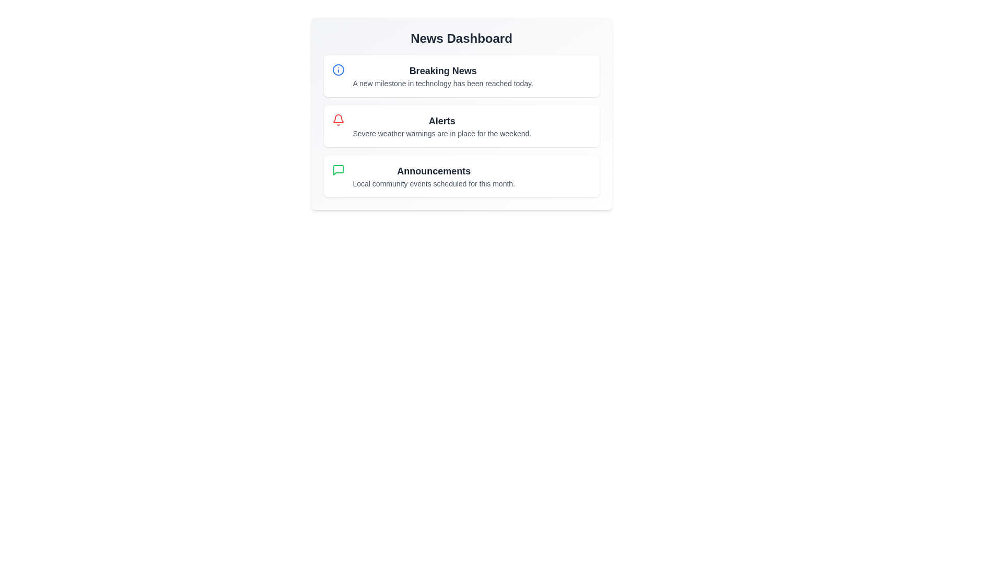  Describe the element at coordinates (461, 176) in the screenshot. I see `the 'Announcements' section in the NewsDashboard` at that location.